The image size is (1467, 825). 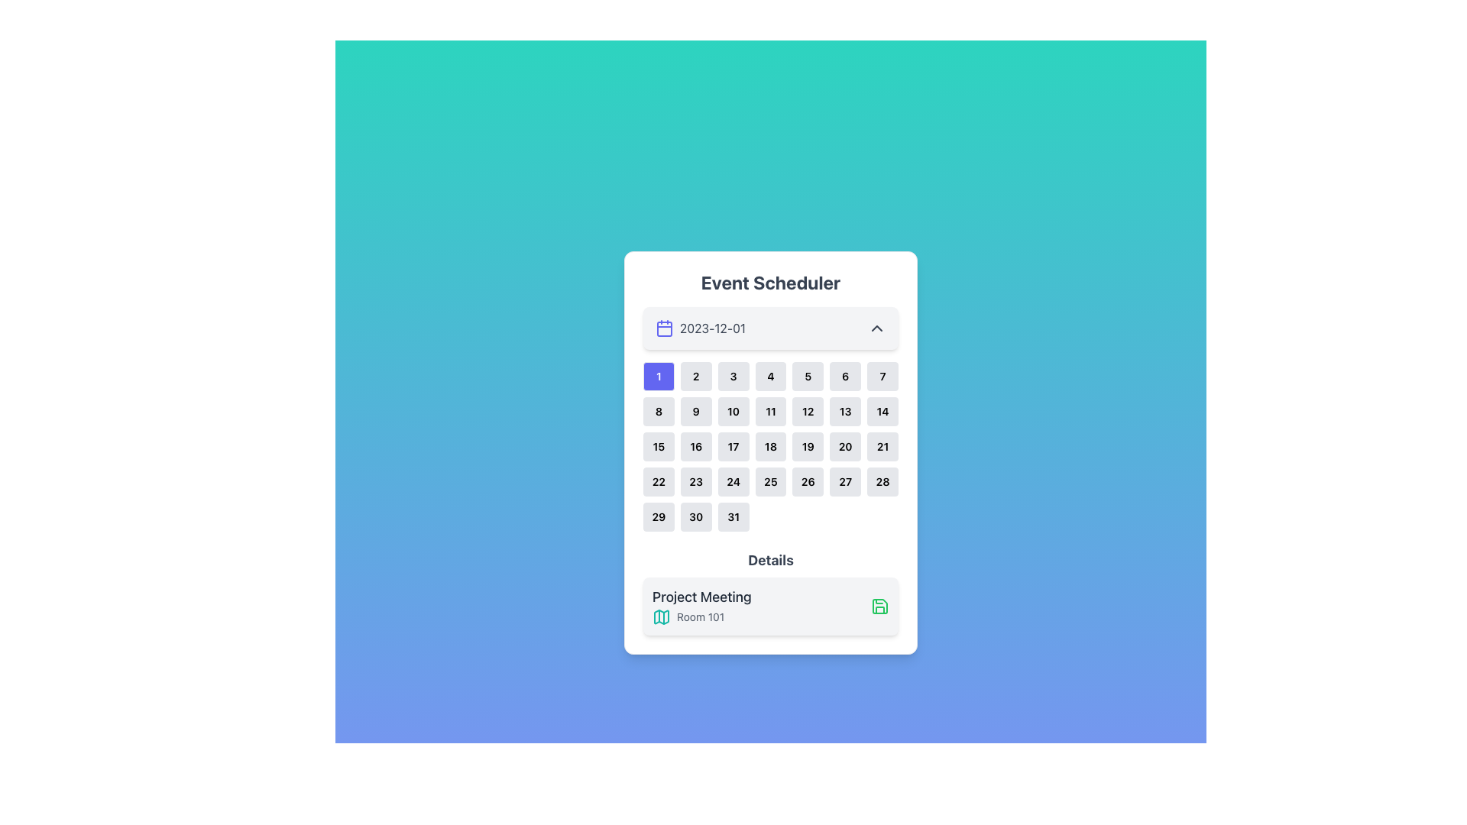 I want to click on the interactive date-picker dropdown within the 'Event Scheduler' card for keyboard interaction, so click(x=770, y=327).